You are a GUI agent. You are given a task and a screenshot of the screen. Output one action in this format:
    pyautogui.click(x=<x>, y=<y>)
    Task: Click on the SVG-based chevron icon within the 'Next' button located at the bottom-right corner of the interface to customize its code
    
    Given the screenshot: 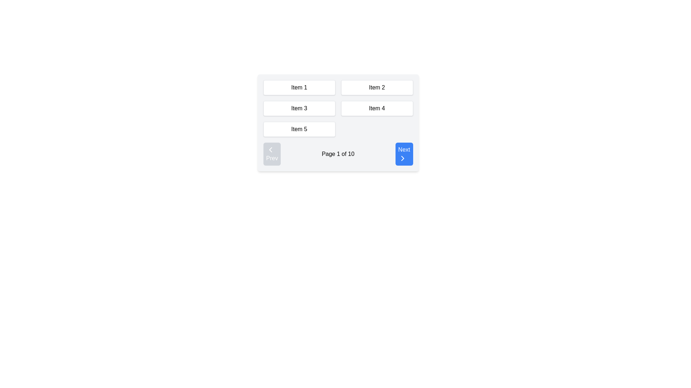 What is the action you would take?
    pyautogui.click(x=402, y=158)
    